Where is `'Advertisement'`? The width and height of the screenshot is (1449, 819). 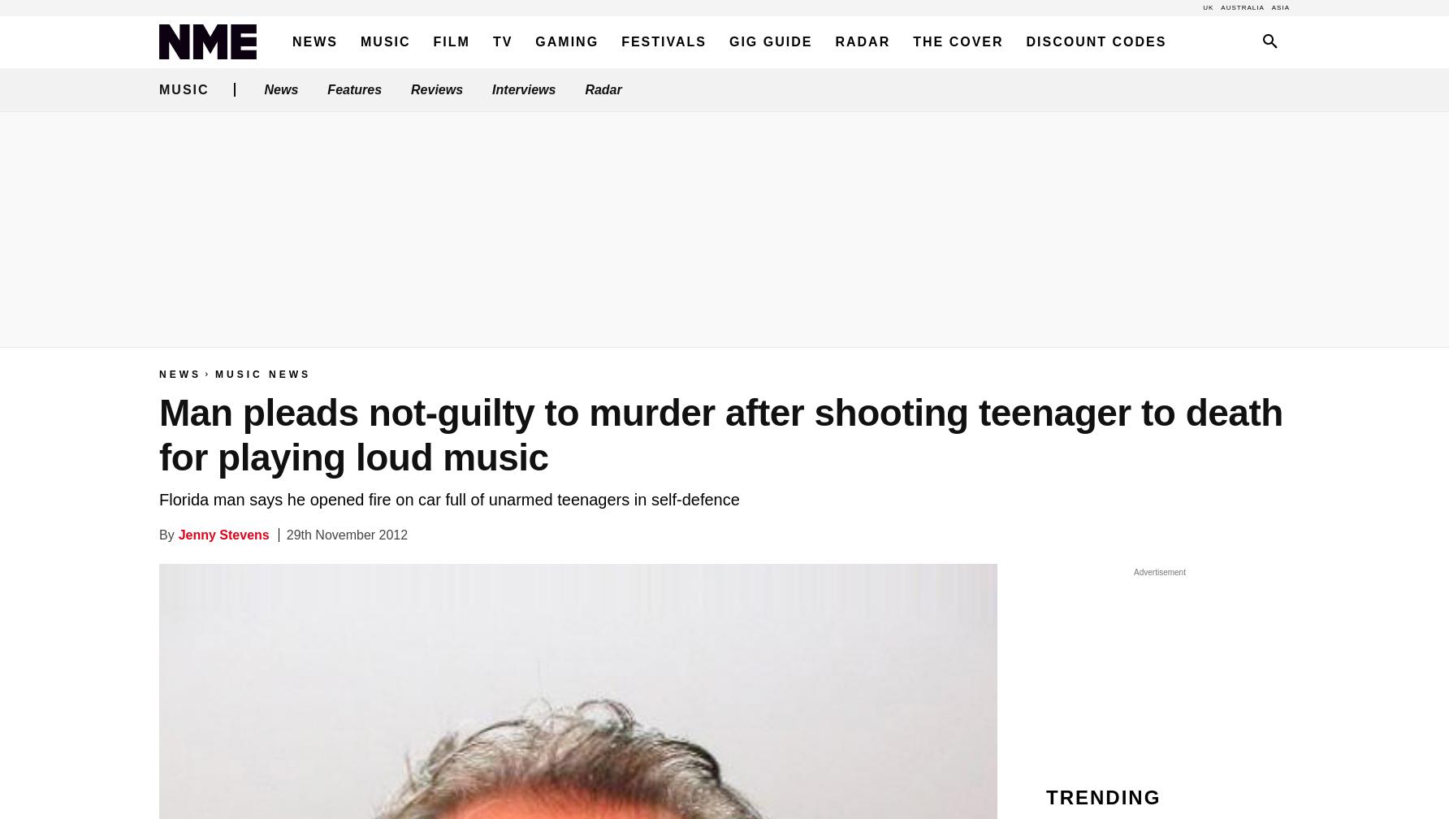 'Advertisement' is located at coordinates (1159, 572).